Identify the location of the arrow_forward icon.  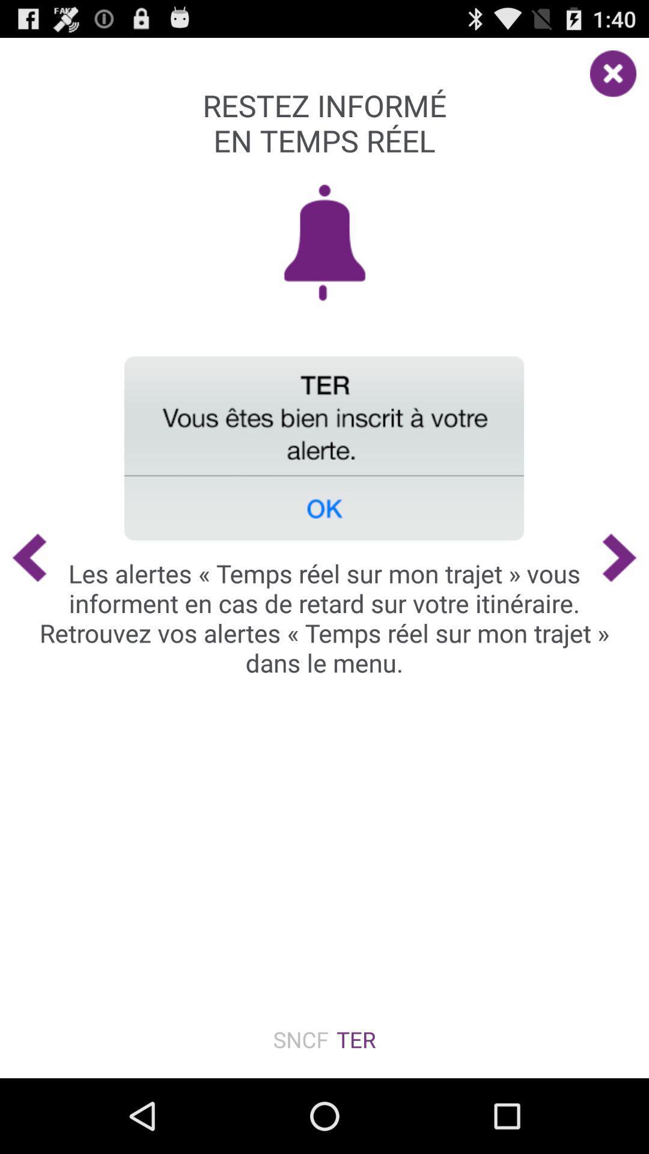
(625, 597).